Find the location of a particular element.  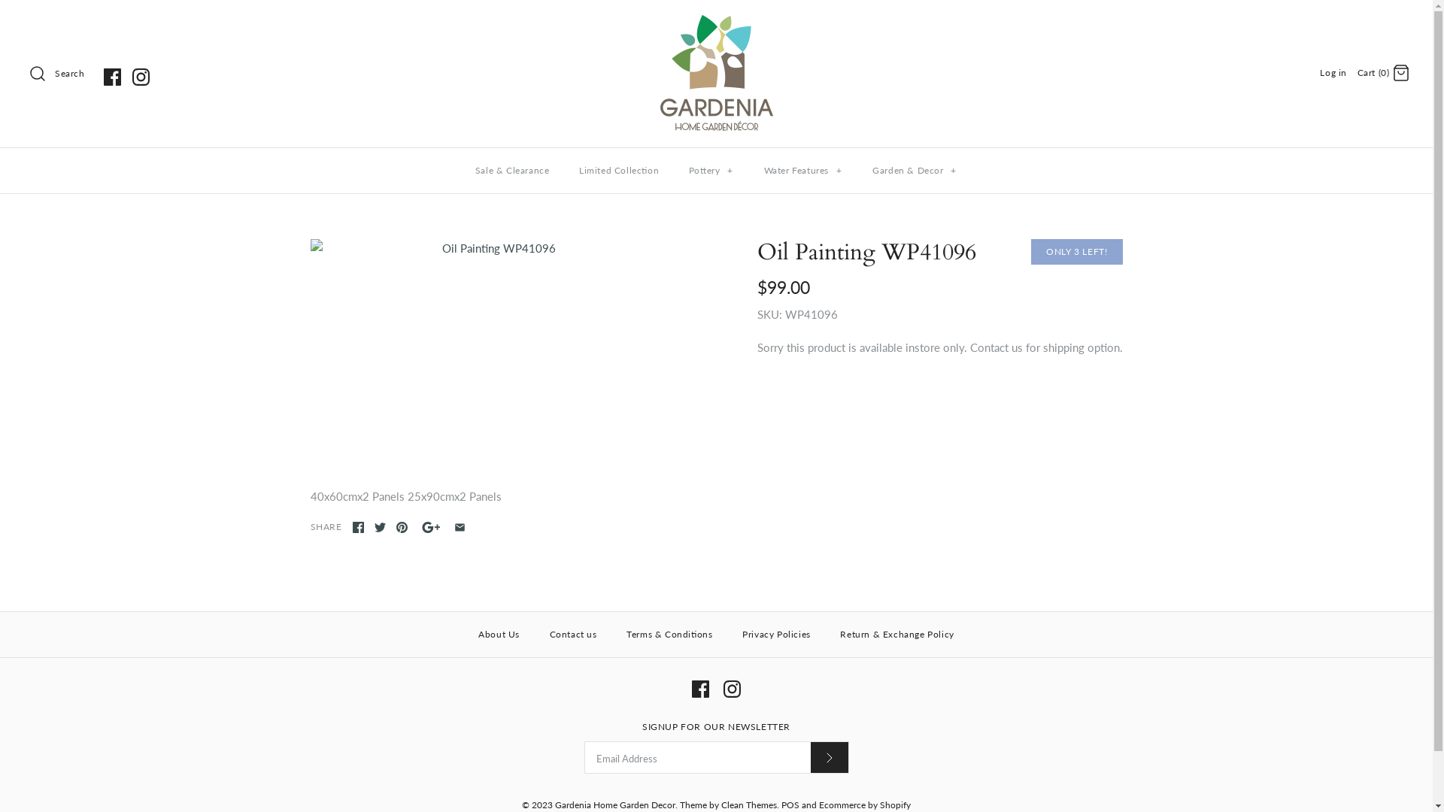

'Garden & Decor +' is located at coordinates (914, 170).